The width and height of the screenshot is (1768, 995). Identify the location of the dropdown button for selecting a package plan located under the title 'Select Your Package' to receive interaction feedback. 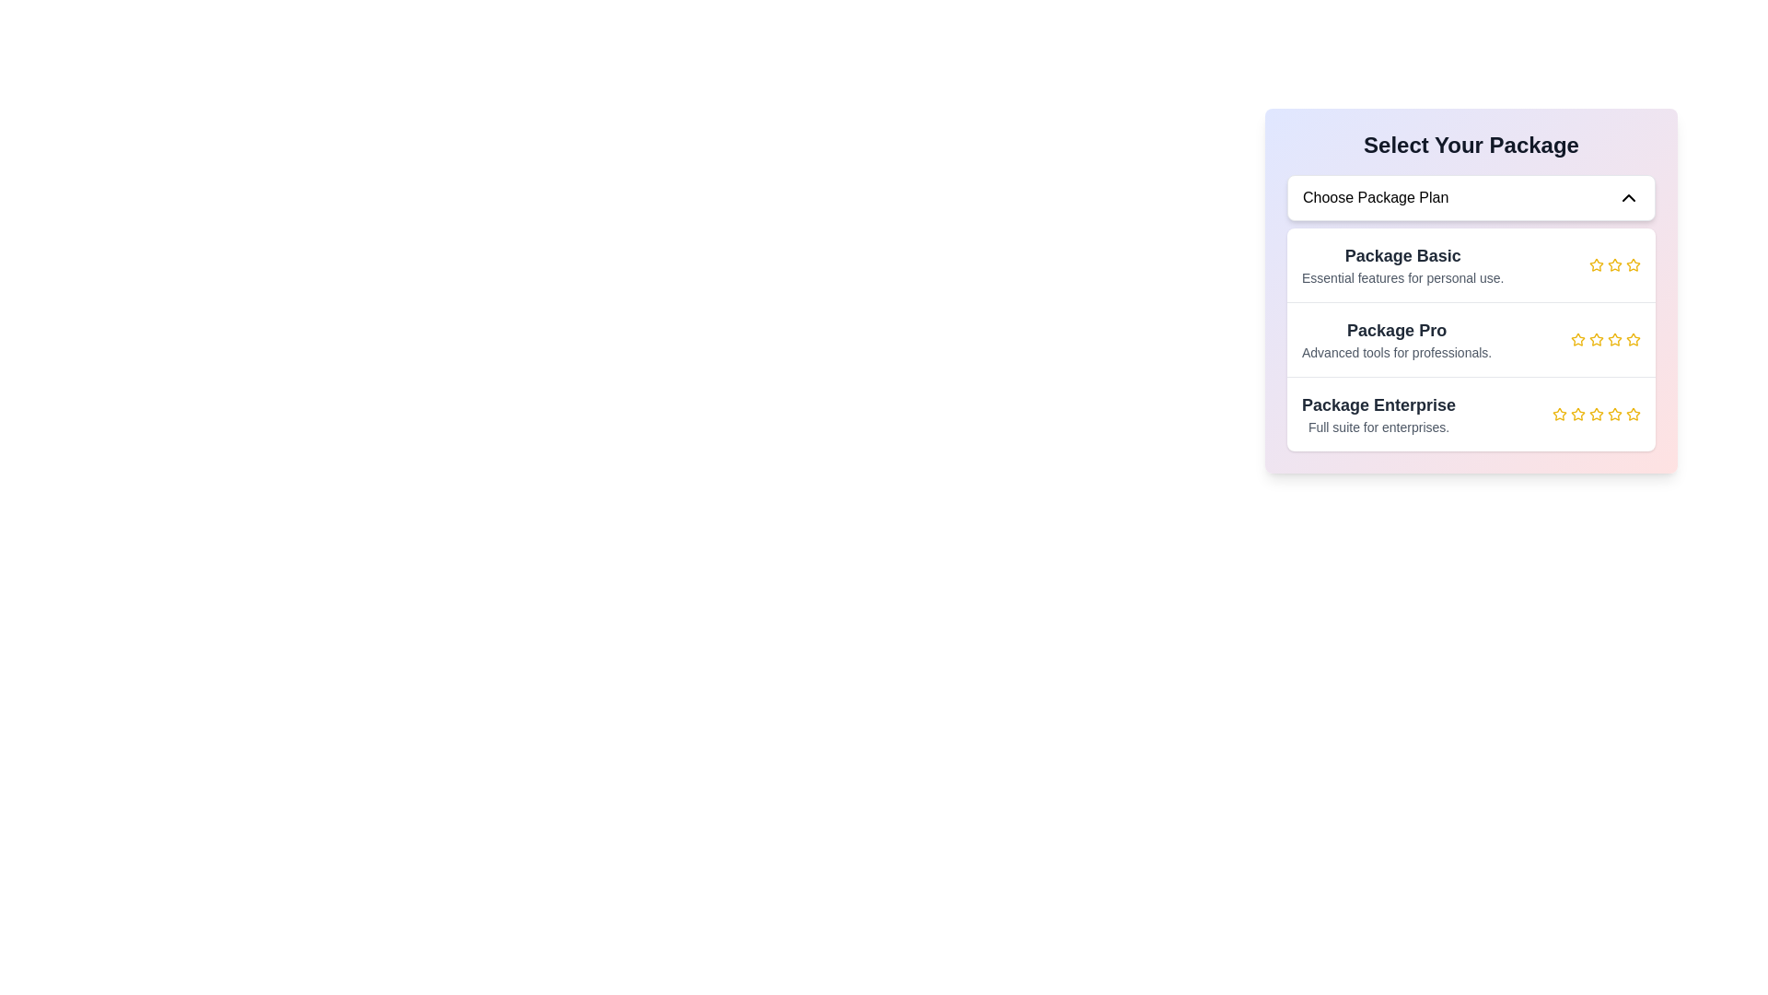
(1471, 198).